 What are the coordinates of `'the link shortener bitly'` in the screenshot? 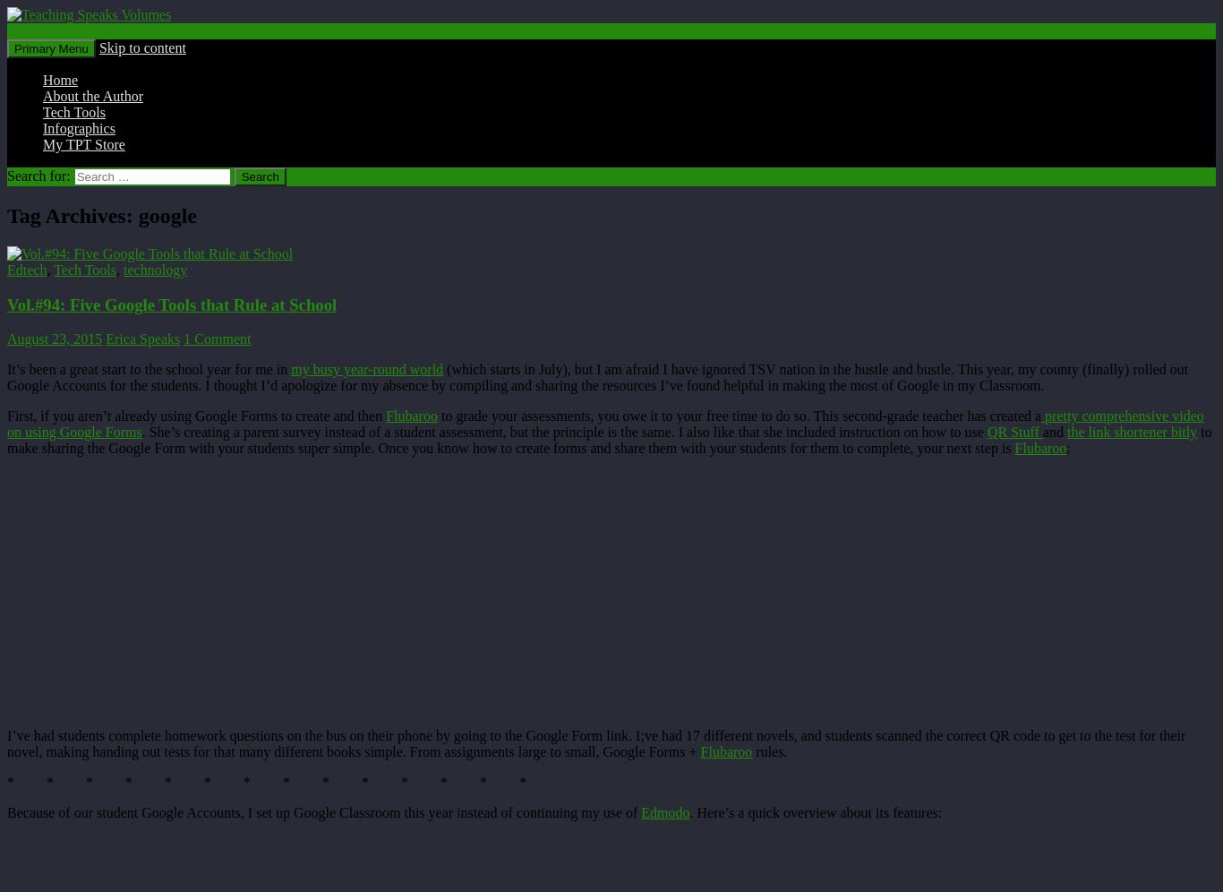 It's located at (1130, 431).